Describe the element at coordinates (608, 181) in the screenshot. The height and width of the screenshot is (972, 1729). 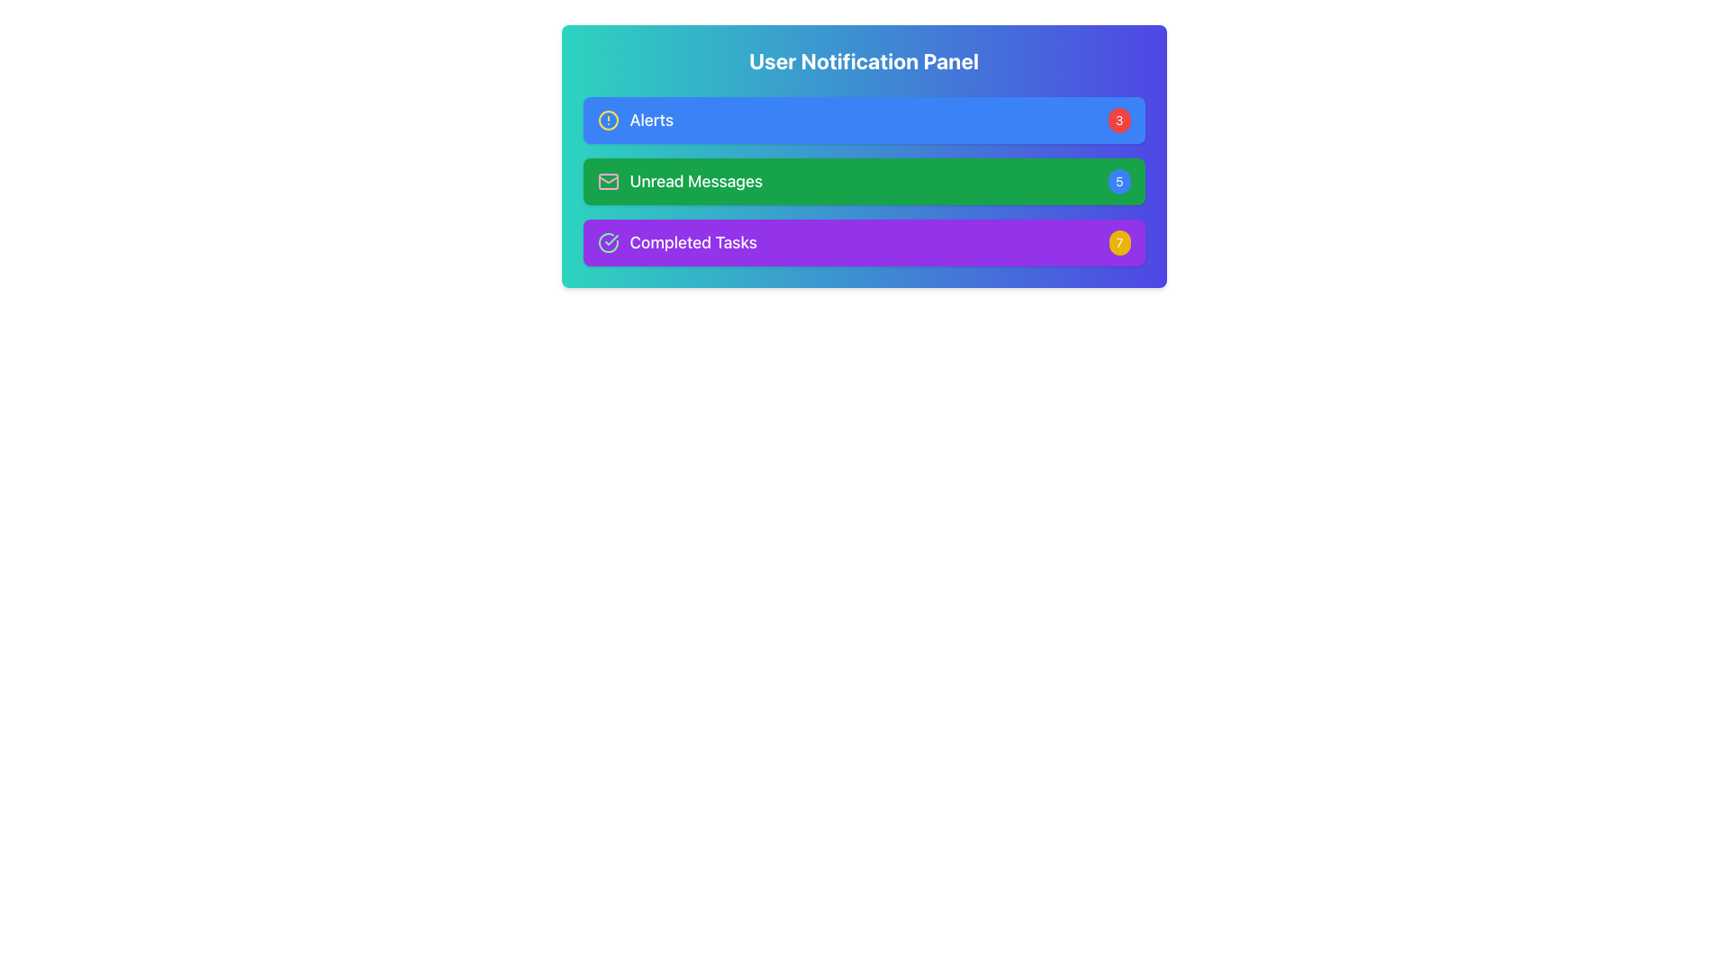
I see `the unread messages icon located to the immediate left of the text 'Unread Messages'` at that location.